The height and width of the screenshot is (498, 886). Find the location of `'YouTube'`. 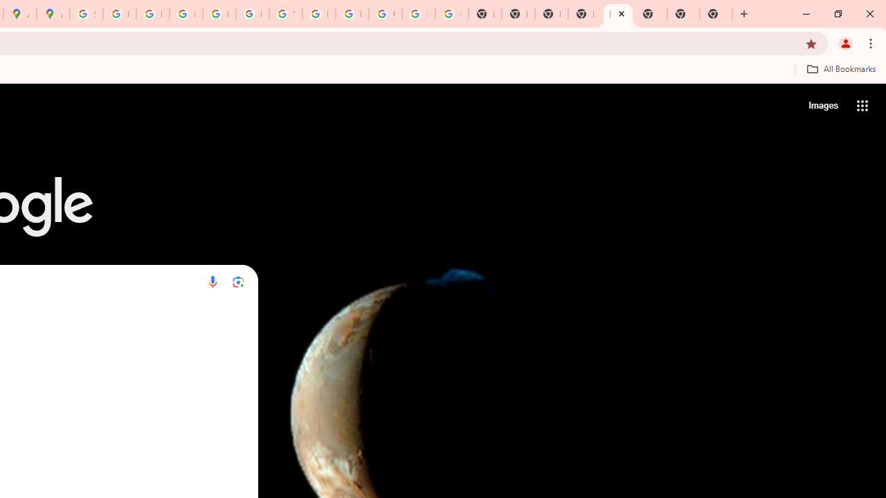

'YouTube' is located at coordinates (284, 14).